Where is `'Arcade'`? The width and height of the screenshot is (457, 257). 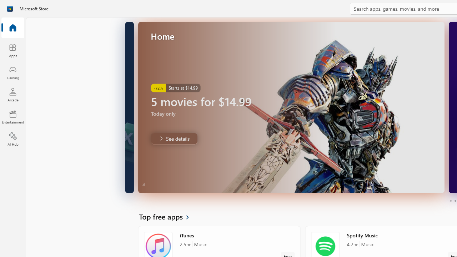
'Arcade' is located at coordinates (12, 94).